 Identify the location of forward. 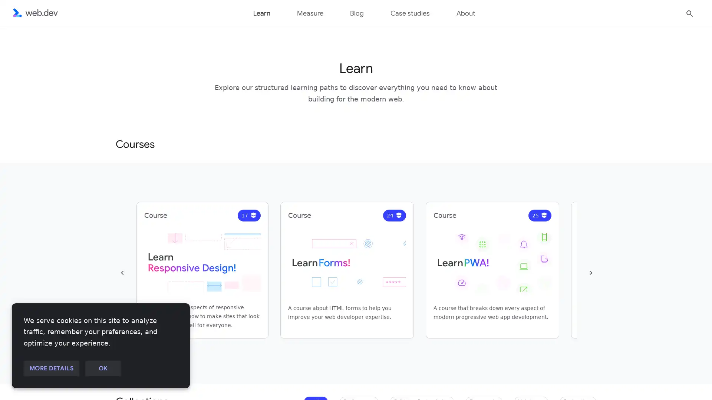
(590, 273).